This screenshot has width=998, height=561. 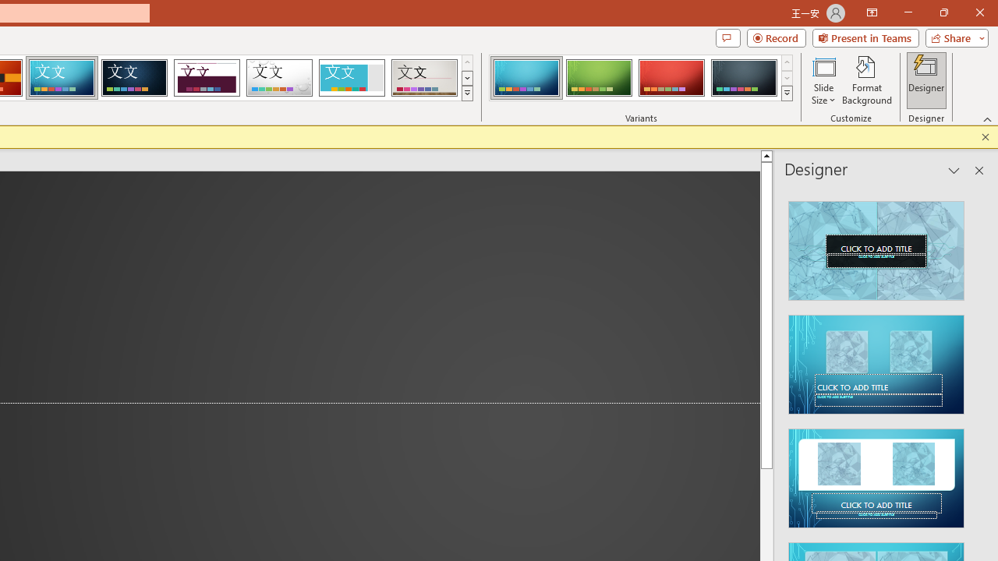 I want to click on 'Frame', so click(x=351, y=78).